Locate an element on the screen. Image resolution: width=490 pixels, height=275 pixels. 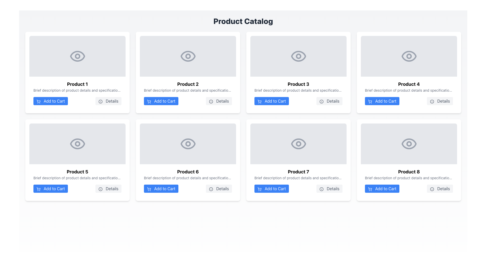
the bold-styled text displaying 'Product 7', which is the title of the seventh product in a grid layout, located at the top of its product card is located at coordinates (298, 172).